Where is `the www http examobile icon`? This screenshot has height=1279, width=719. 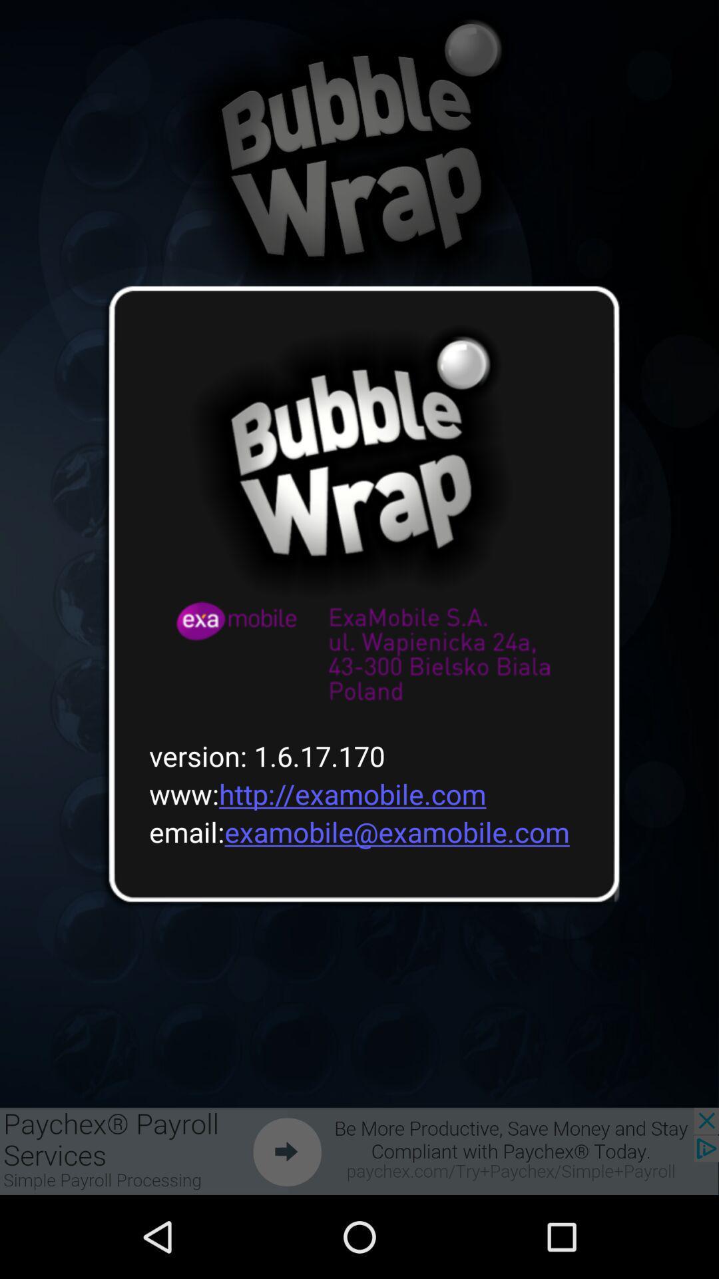
the www http examobile icon is located at coordinates (309, 793).